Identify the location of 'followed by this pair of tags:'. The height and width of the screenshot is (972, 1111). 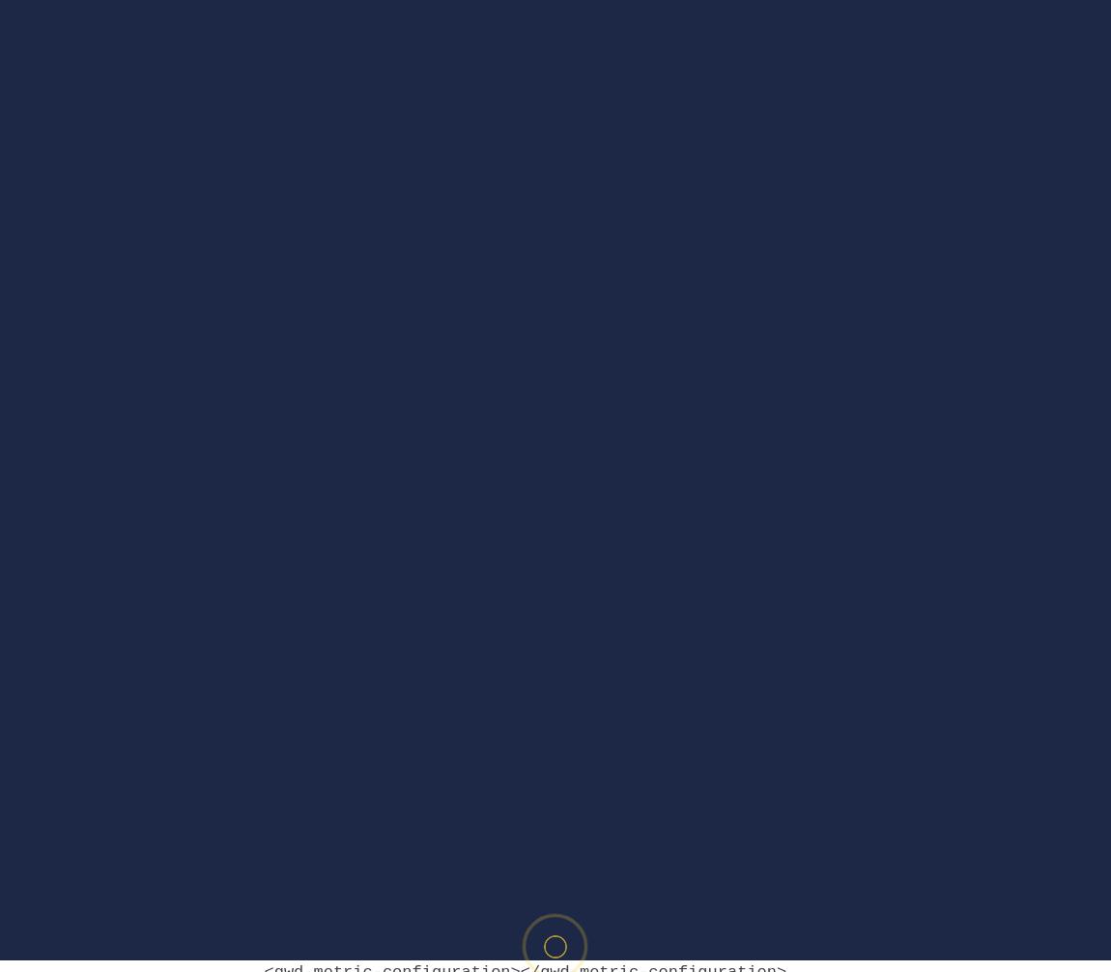
(376, 926).